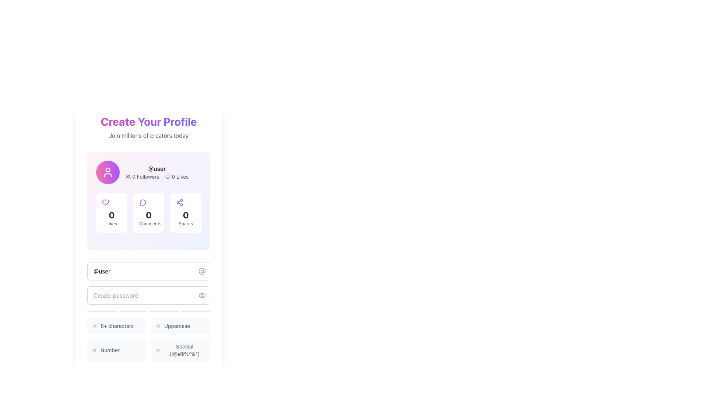 Image resolution: width=707 pixels, height=397 pixels. What do you see at coordinates (116, 350) in the screenshot?
I see `description of the text element labeled 'Number', which is the third entry in a grid layout, featuring an icon and styled with a smaller gray font on a light gray background` at bounding box center [116, 350].